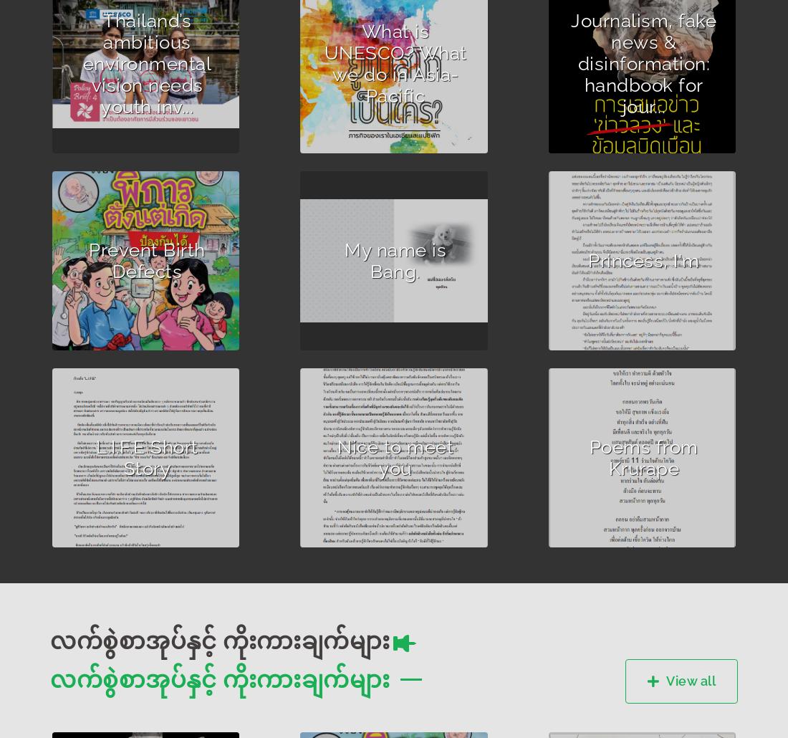 The width and height of the screenshot is (788, 738). What do you see at coordinates (146, 259) in the screenshot?
I see `'Prevent Birth Defects'` at bounding box center [146, 259].